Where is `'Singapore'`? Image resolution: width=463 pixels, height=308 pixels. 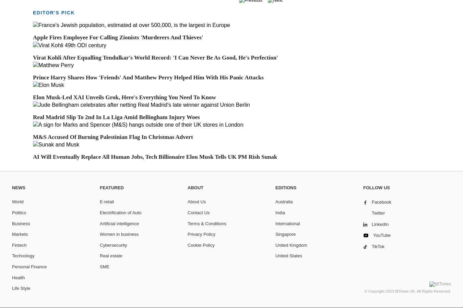
'Singapore' is located at coordinates (275, 234).